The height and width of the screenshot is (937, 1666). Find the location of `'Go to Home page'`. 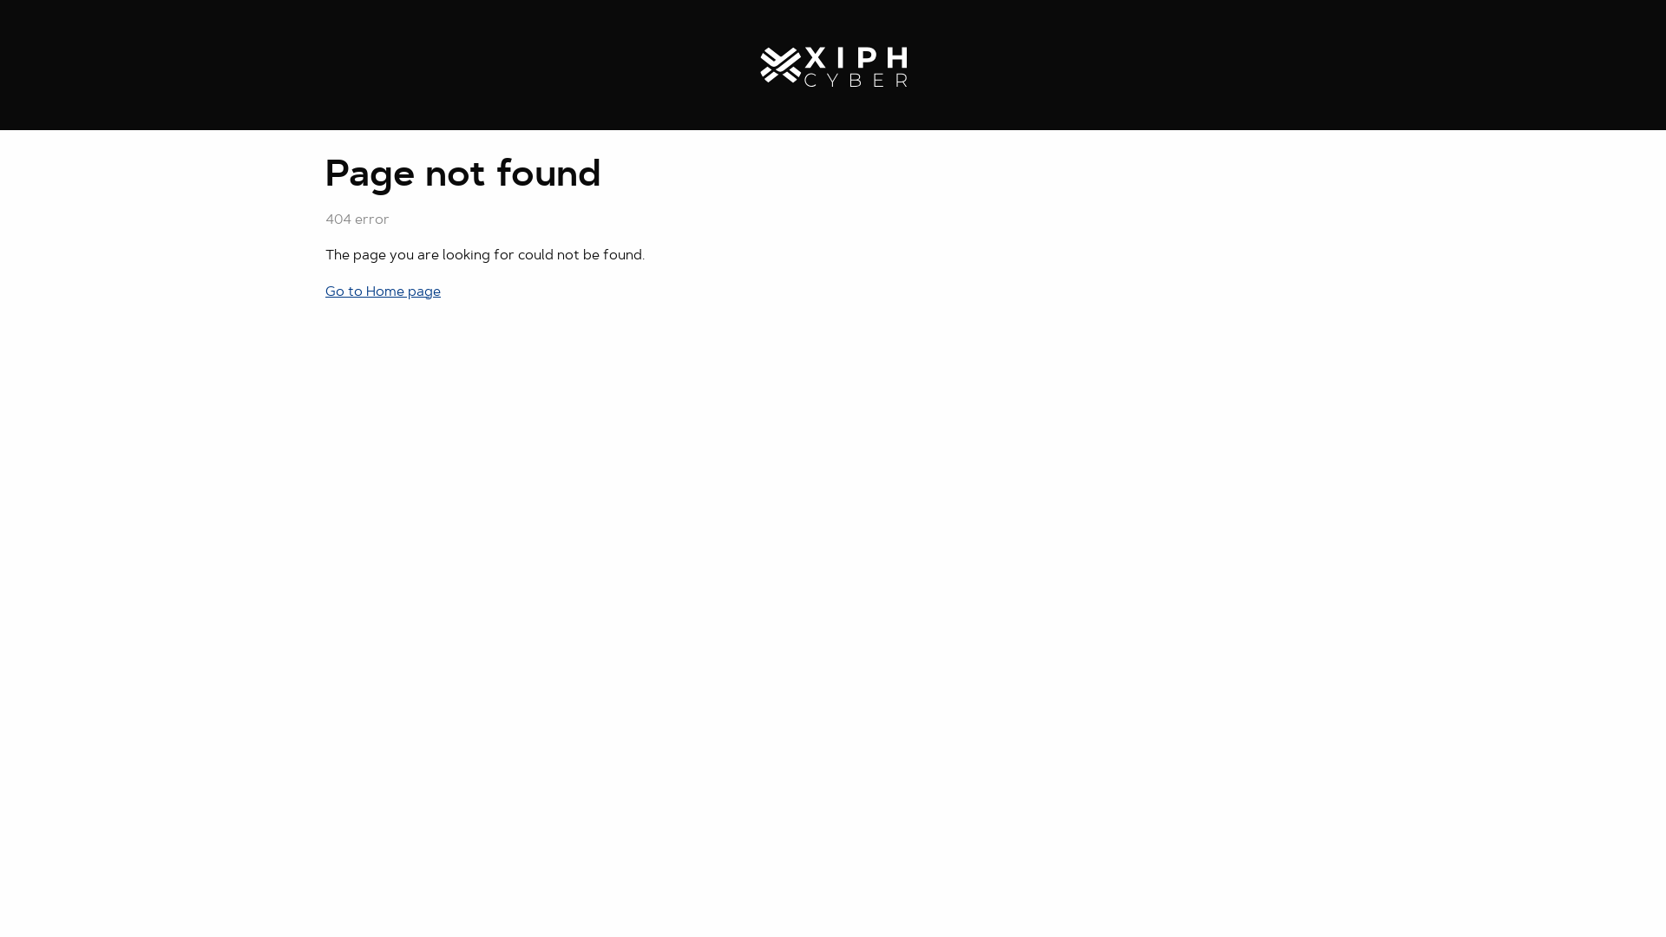

'Go to Home page' is located at coordinates (382, 291).